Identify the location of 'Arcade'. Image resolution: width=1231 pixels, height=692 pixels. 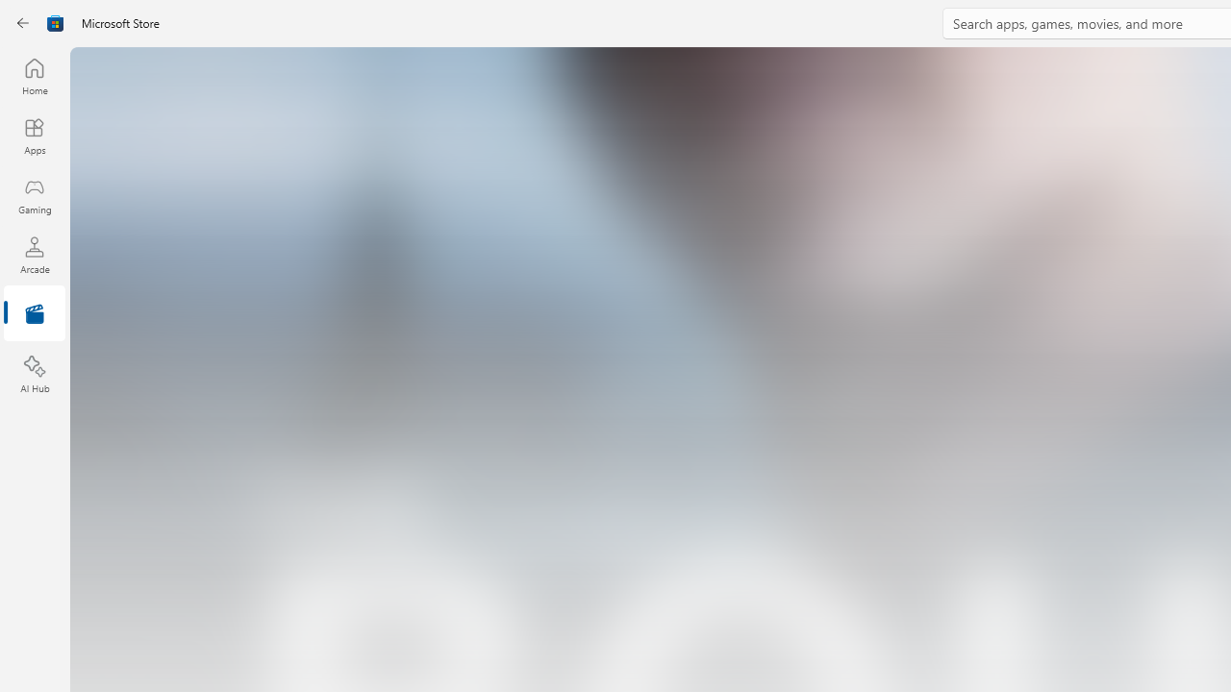
(34, 254).